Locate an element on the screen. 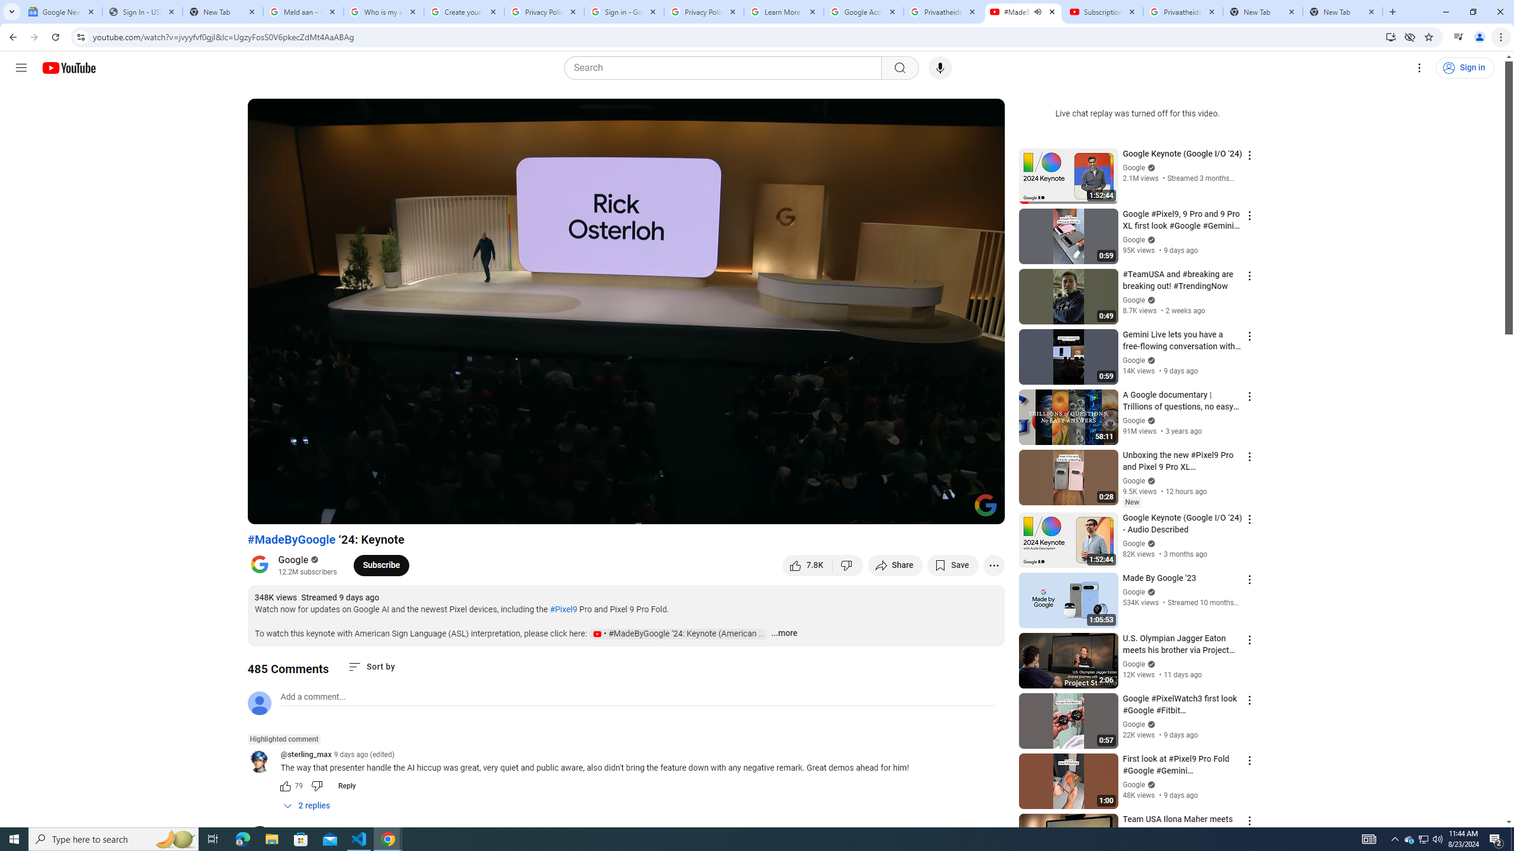  '#Pixel9' is located at coordinates (562, 609).